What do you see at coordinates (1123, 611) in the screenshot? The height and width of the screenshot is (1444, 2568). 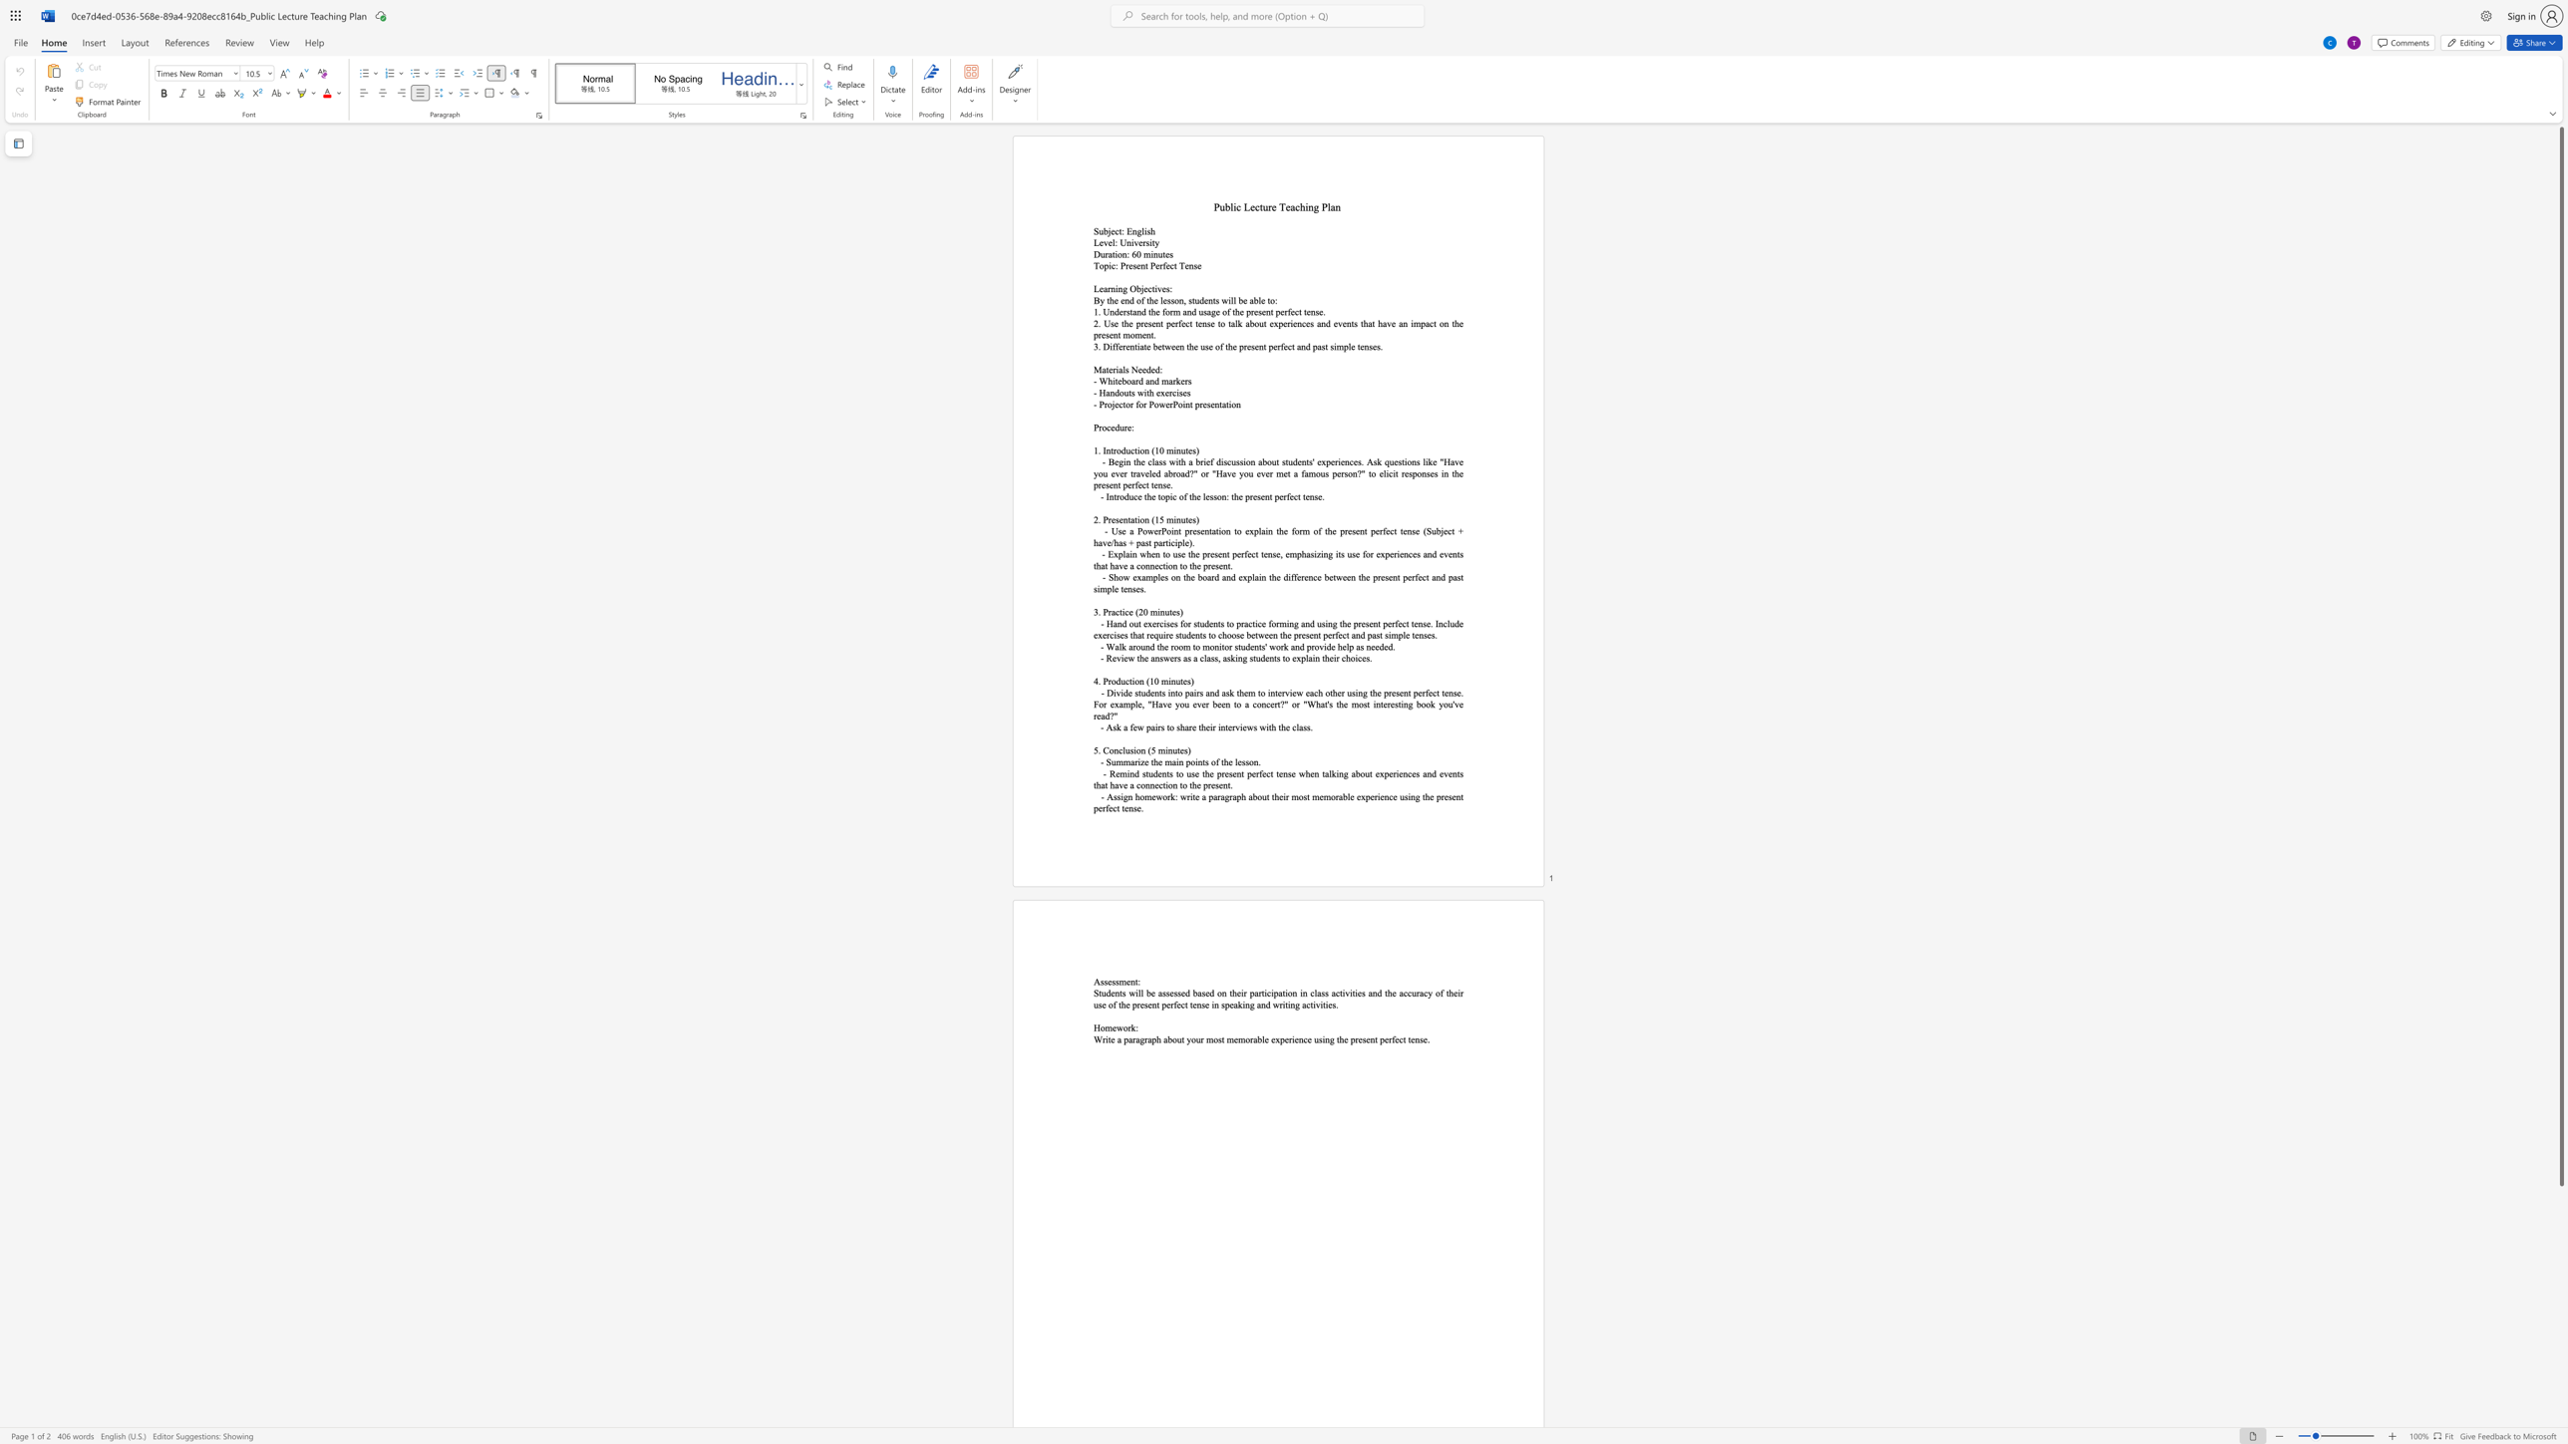 I see `the space between the continuous character "t" and "i" in the text` at bounding box center [1123, 611].